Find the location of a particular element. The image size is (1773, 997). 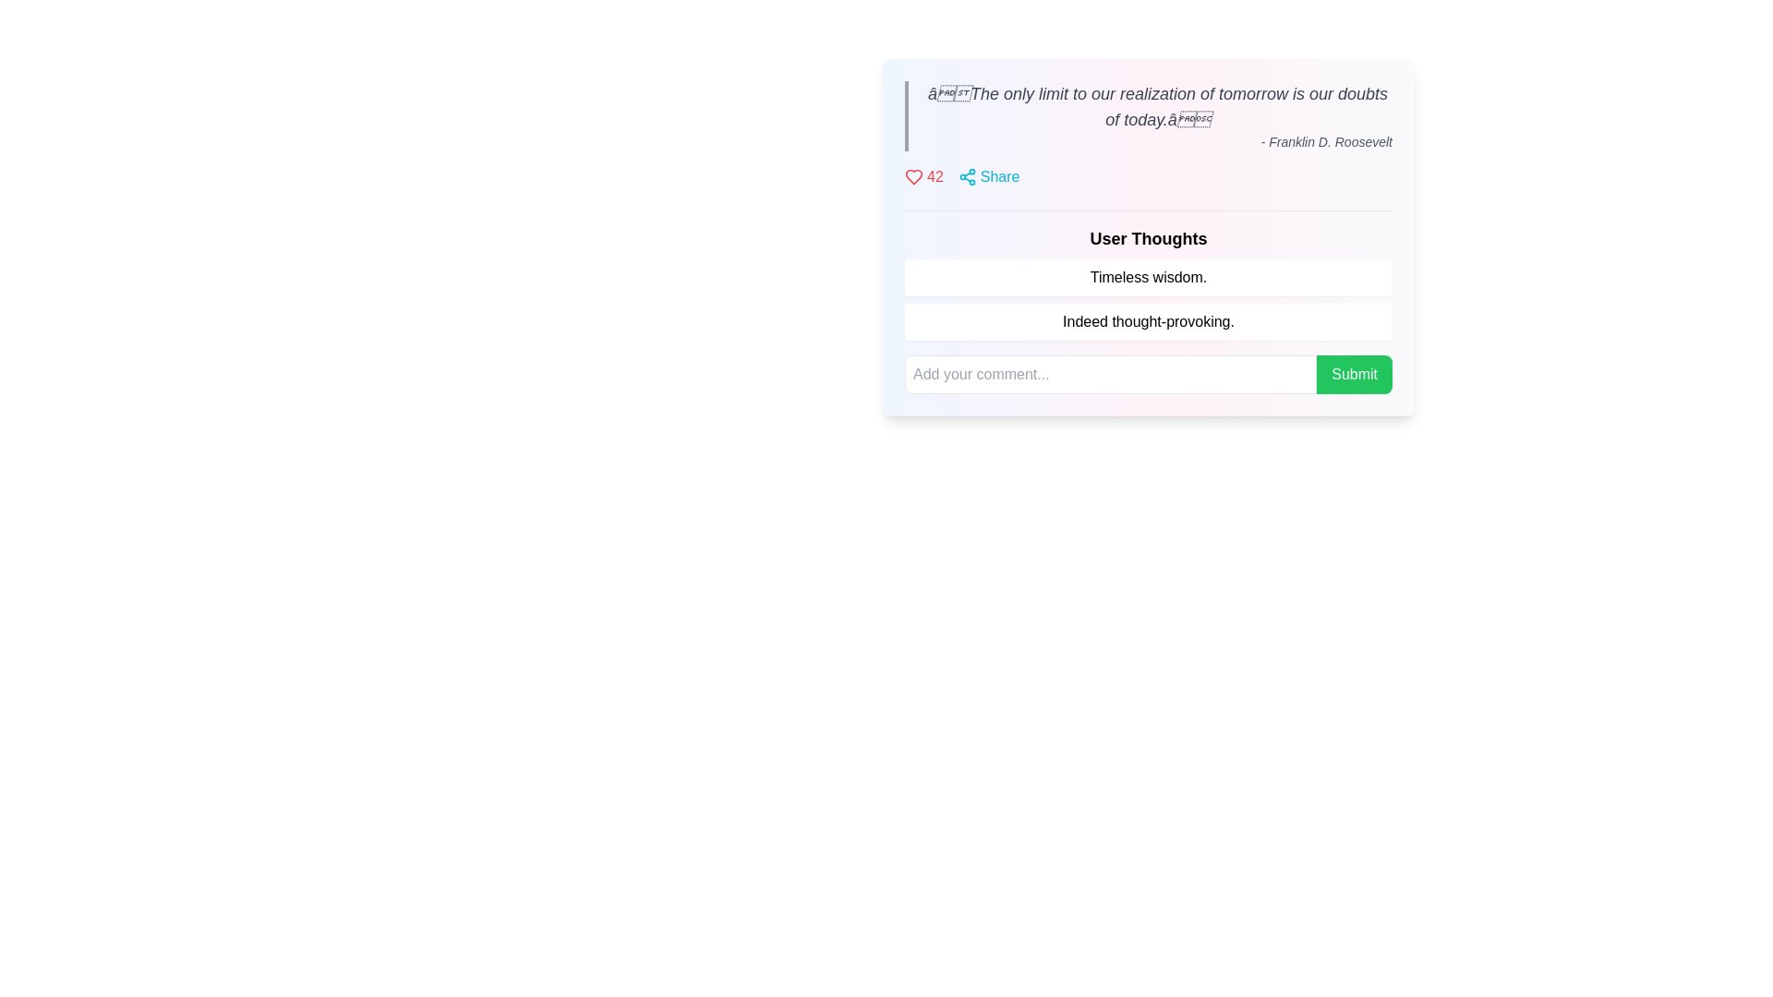

the SVG share icon, which is characterized by three connected circles and is accompanied by the text label 'Share' is located at coordinates (966, 177).